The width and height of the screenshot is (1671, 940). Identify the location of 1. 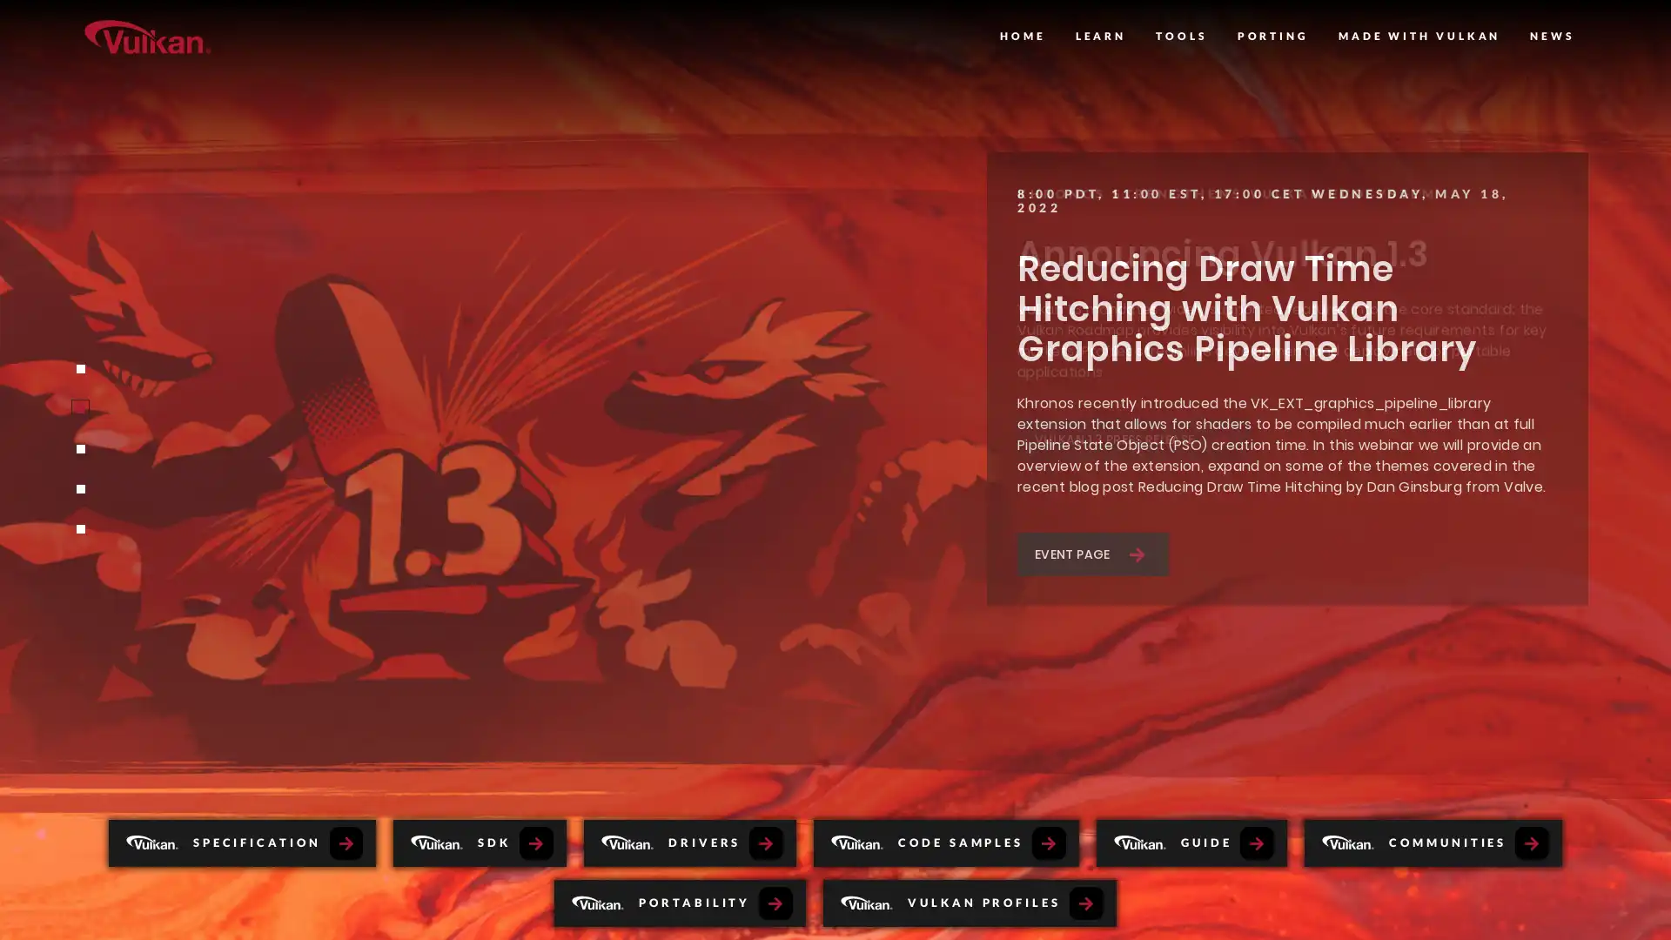
(78, 368).